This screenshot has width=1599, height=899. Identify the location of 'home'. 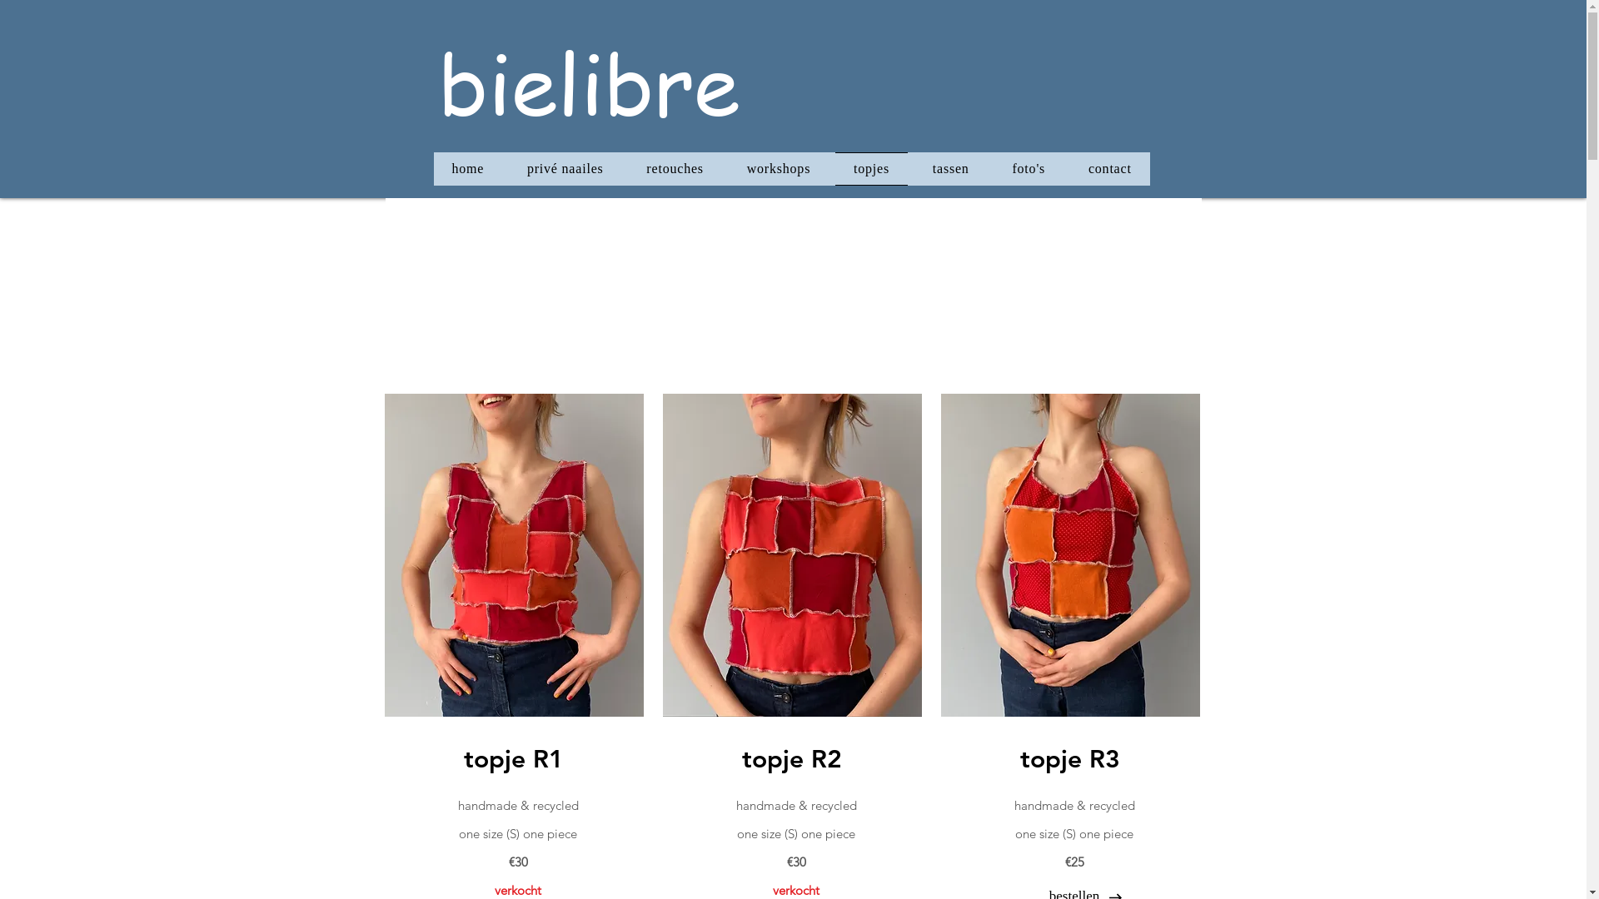
(466, 169).